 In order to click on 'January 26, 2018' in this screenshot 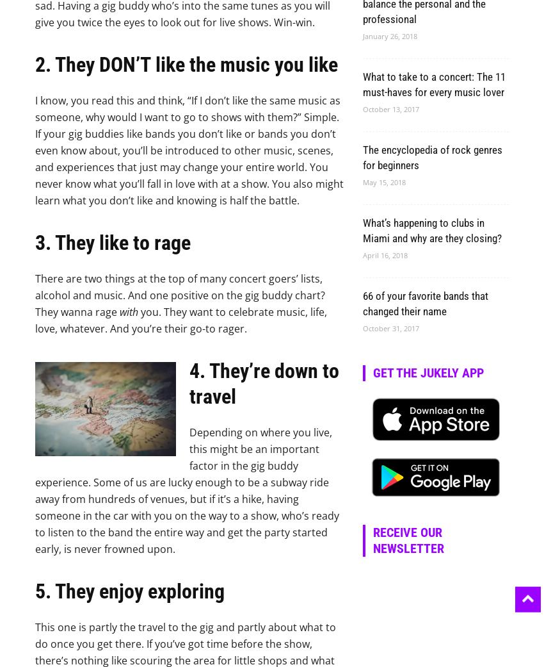, I will do `click(389, 35)`.